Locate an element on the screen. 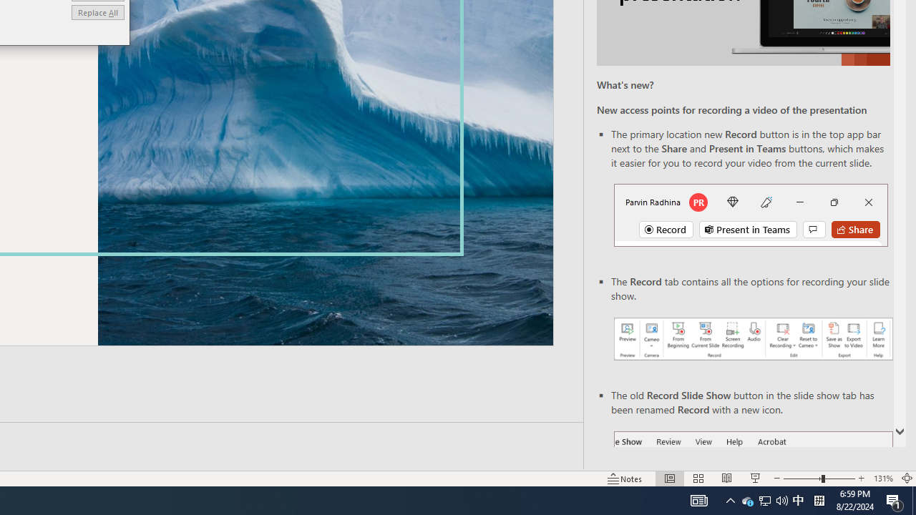 The width and height of the screenshot is (916, 515). 'Record your presentations screenshot one' is located at coordinates (752, 339).